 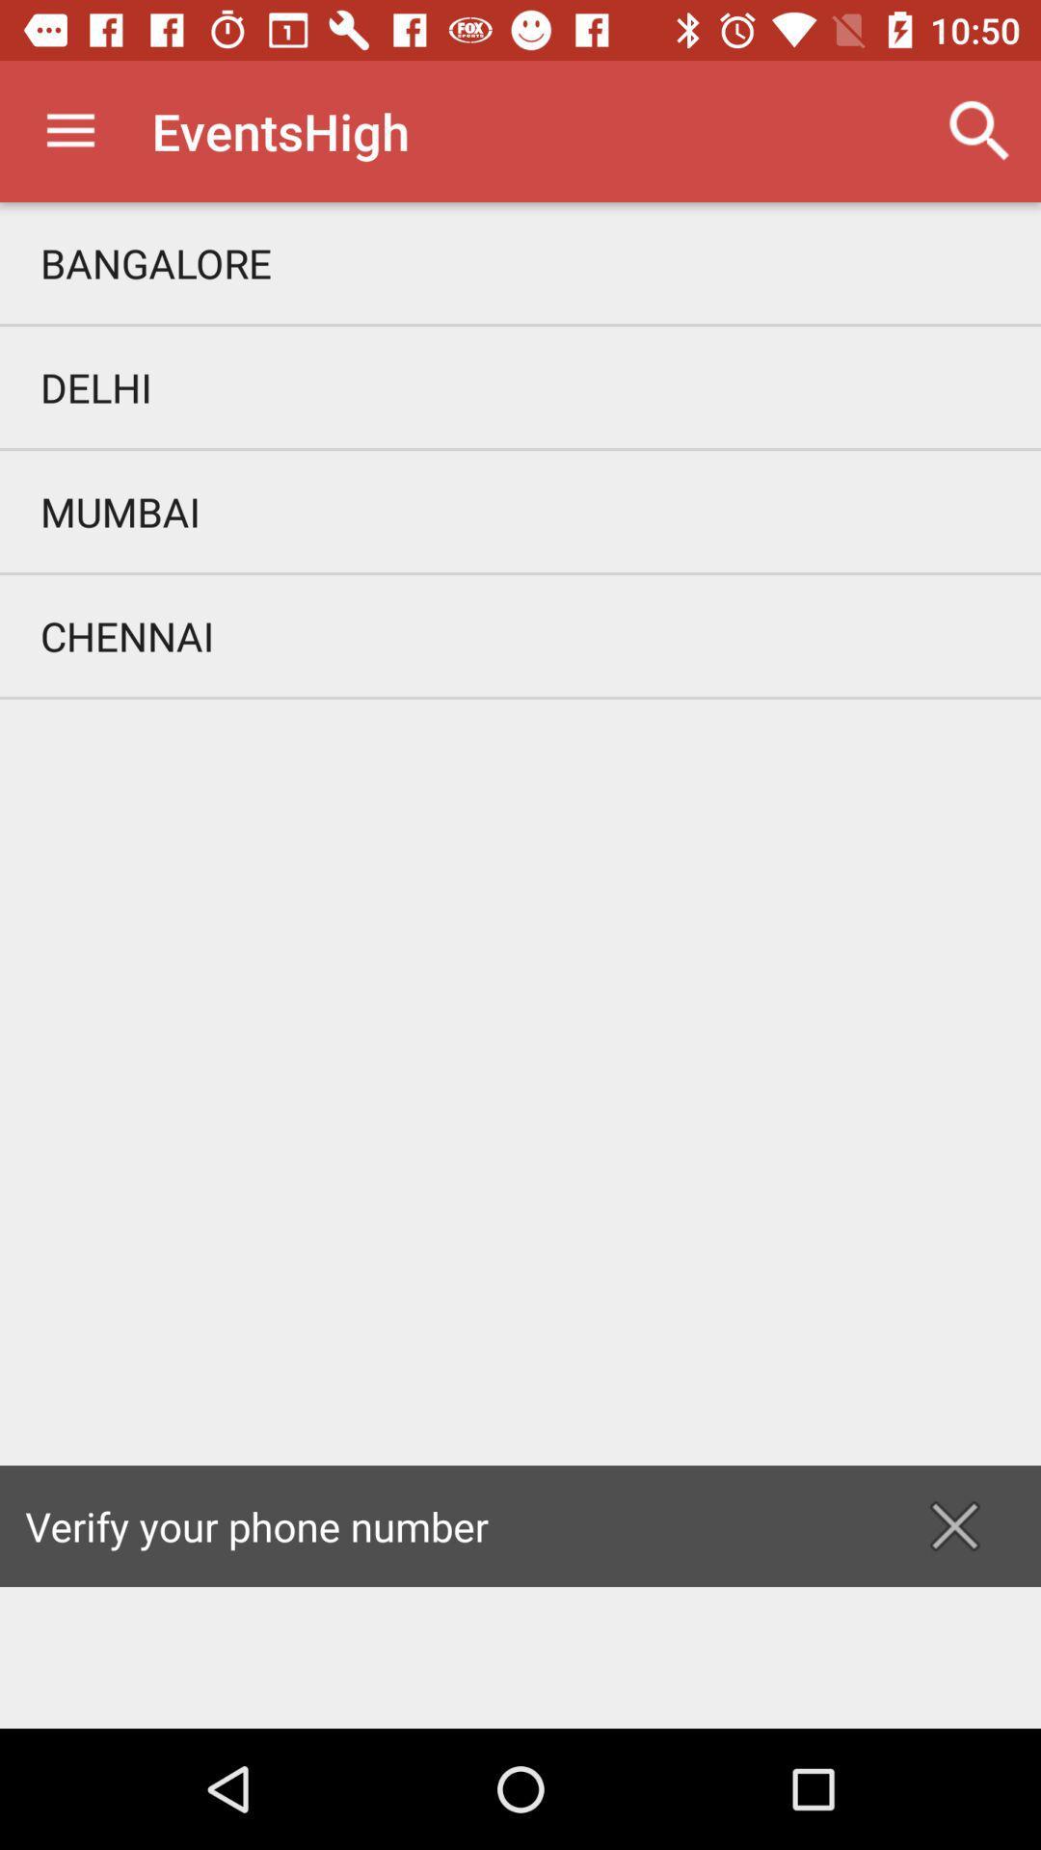 I want to click on bangalore, so click(x=520, y=262).